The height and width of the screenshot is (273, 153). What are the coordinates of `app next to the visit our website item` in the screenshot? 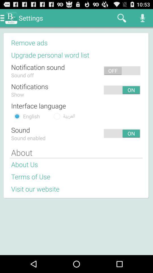 It's located at (101, 189).